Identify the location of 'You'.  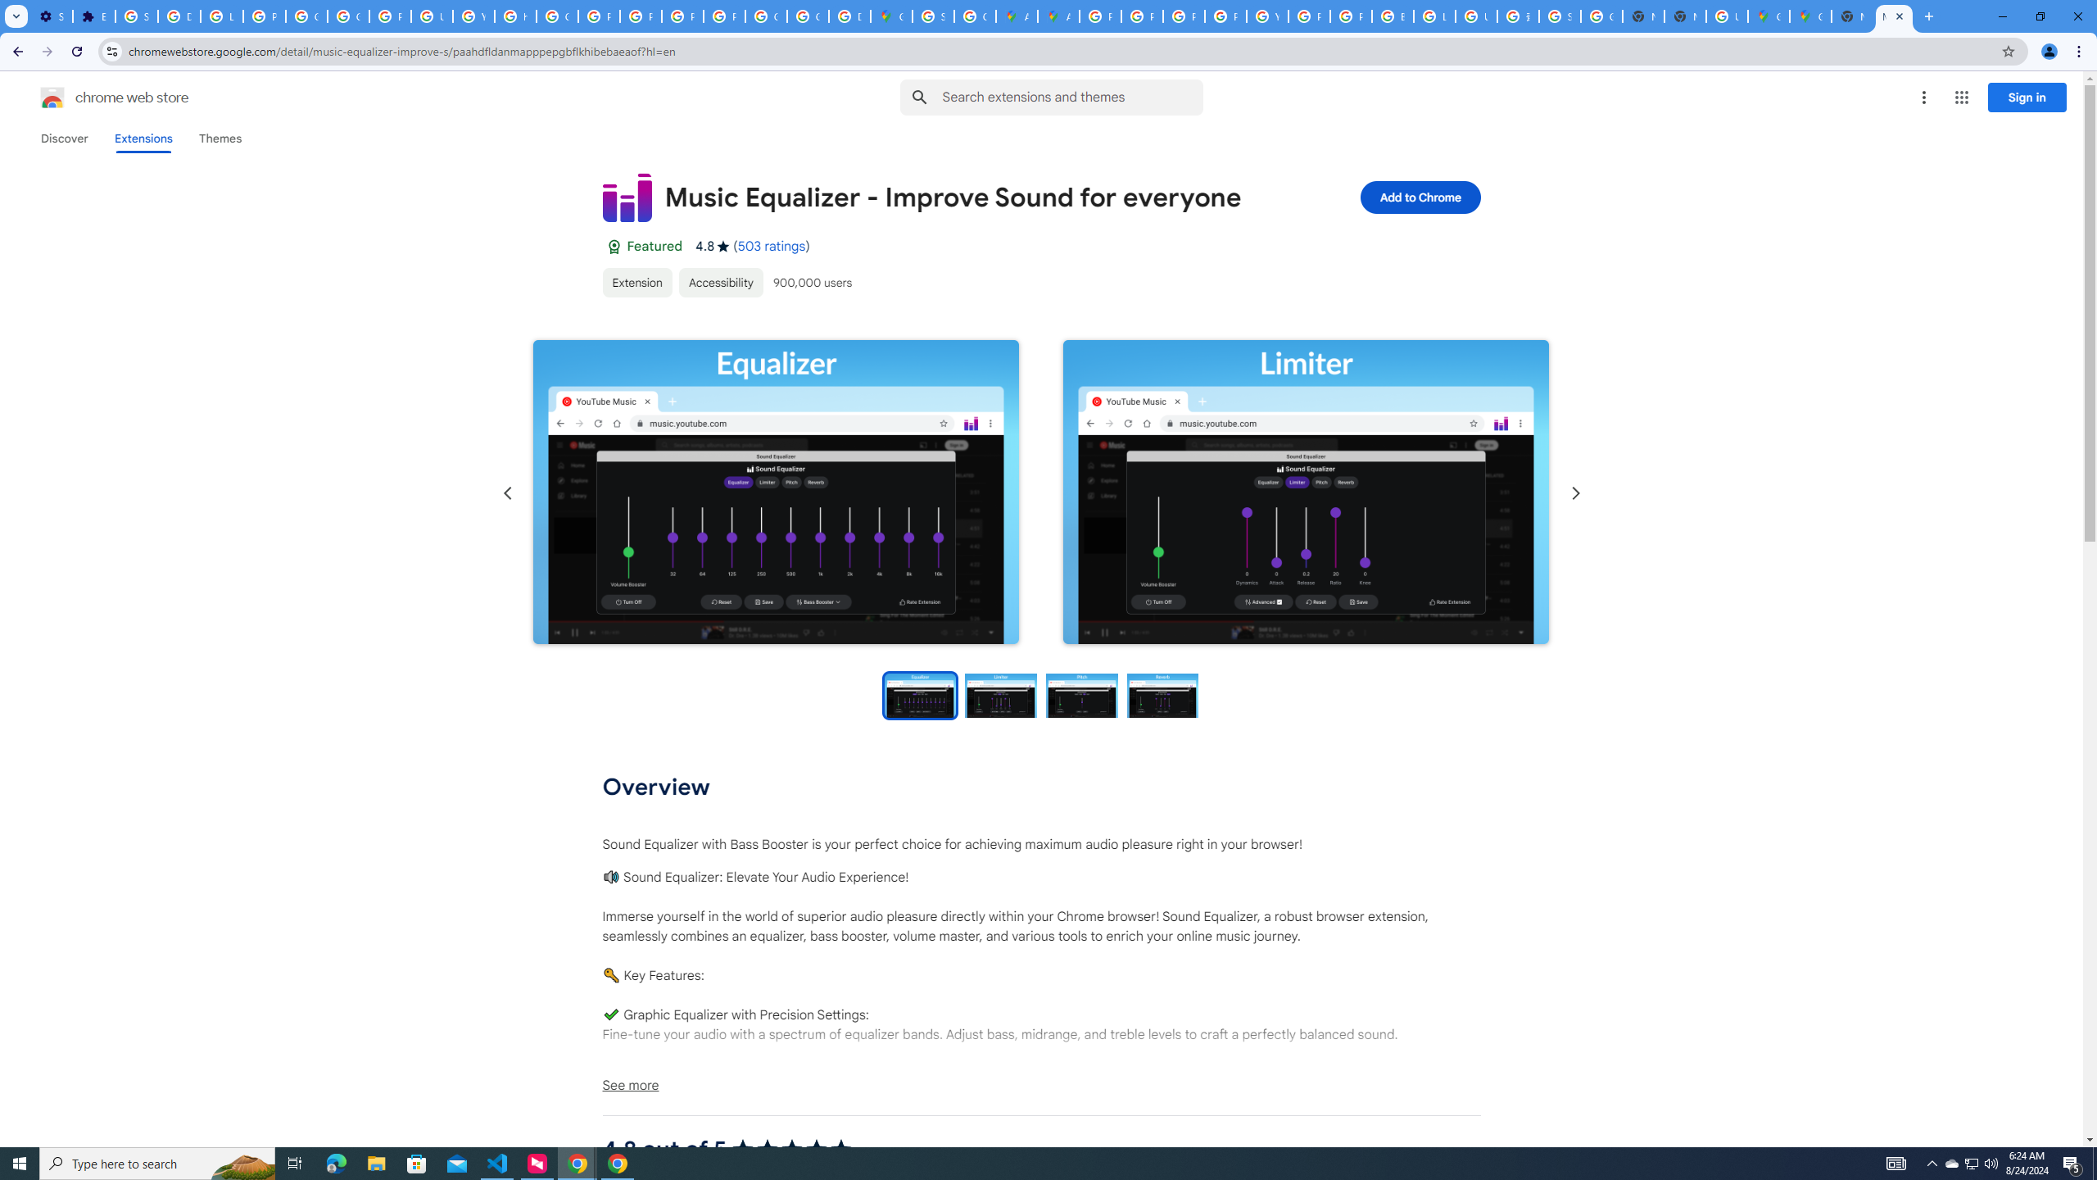
(2049, 51).